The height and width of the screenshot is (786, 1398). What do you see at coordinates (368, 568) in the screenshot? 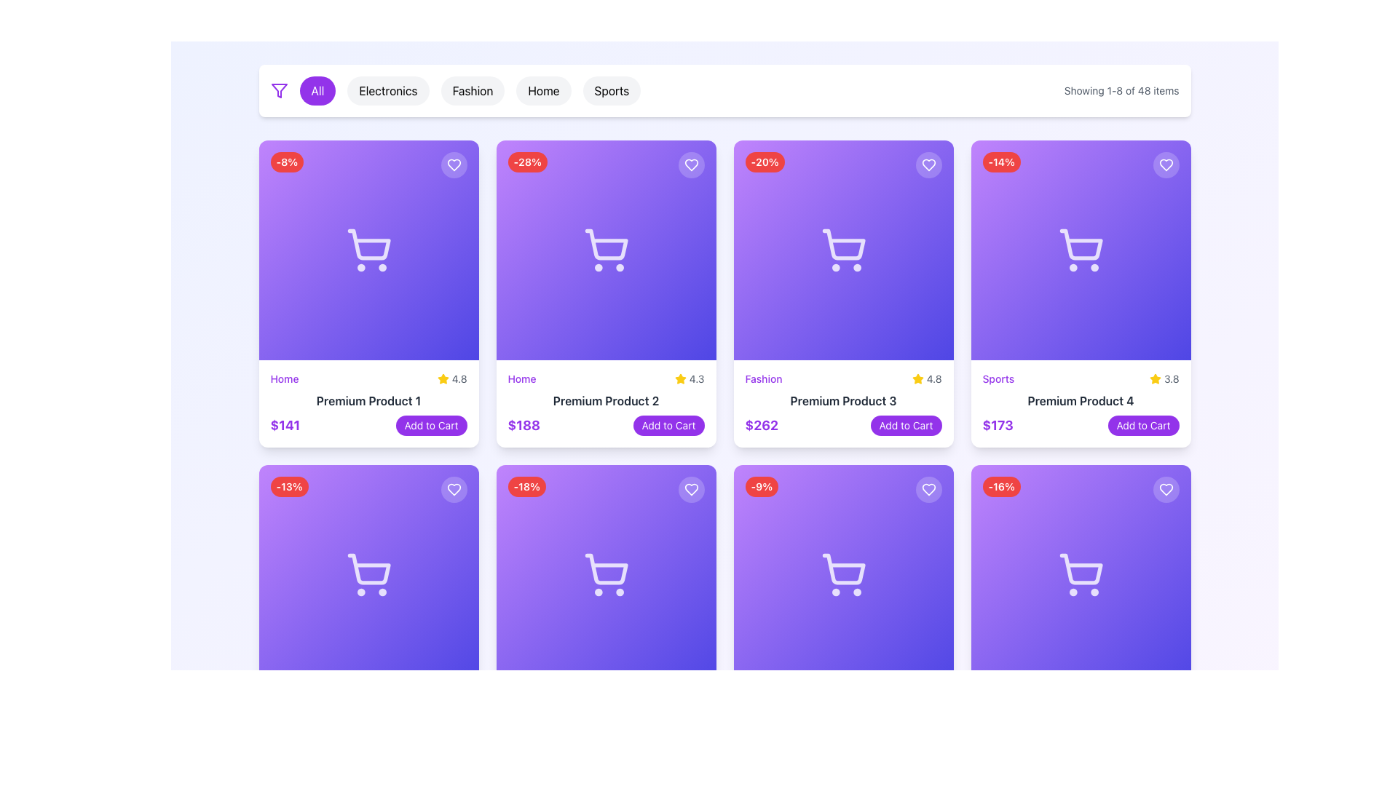
I see `the cart icon, which is a minimalistic hollow design with a white stroke, located within the product card for 'Premium Product 1' in the top left quadrant of the UI` at bounding box center [368, 568].